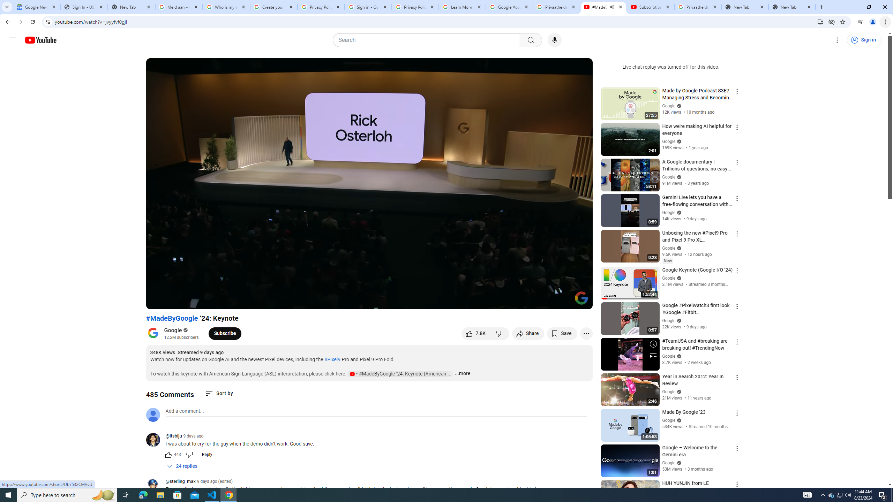 Image resolution: width=893 pixels, height=502 pixels. Describe the element at coordinates (611, 7) in the screenshot. I see `'Mute tab'` at that location.